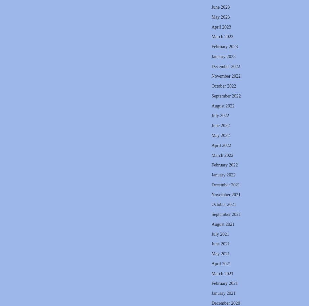 Image resolution: width=309 pixels, height=306 pixels. I want to click on 'April 2021', so click(221, 263).